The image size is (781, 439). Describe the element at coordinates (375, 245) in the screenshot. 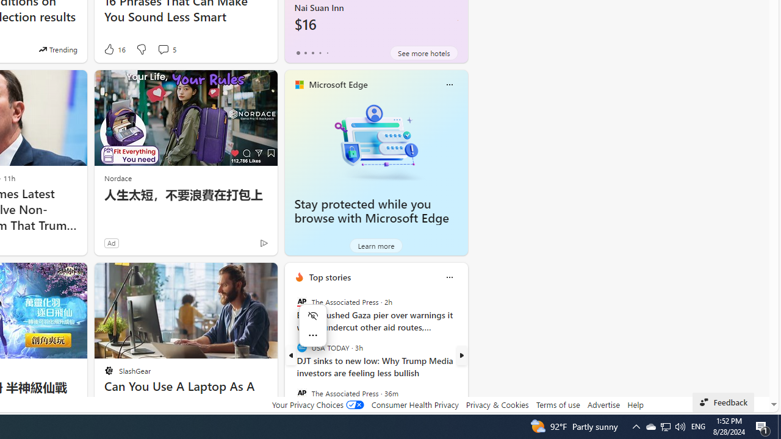

I see `'Learn more'` at that location.